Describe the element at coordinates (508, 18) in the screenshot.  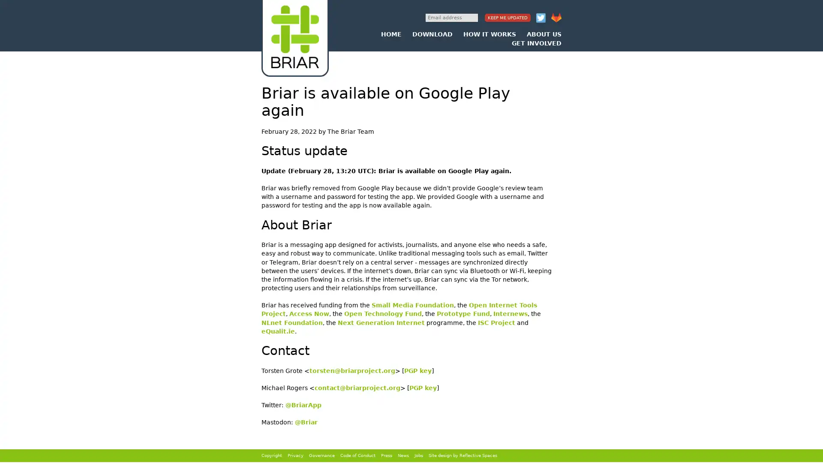
I see `KEEP ME UPDATED` at that location.